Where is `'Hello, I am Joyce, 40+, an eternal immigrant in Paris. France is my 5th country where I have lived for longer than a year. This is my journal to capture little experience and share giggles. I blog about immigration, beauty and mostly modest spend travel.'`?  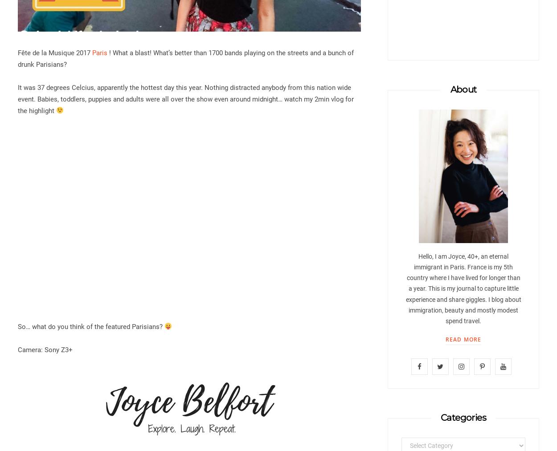 'Hello, I am Joyce, 40+, an eternal immigrant in Paris. France is my 5th country where I have lived for longer than a year. This is my journal to capture little experience and share giggles. I blog about immigration, beauty and mostly modest spend travel.' is located at coordinates (463, 288).